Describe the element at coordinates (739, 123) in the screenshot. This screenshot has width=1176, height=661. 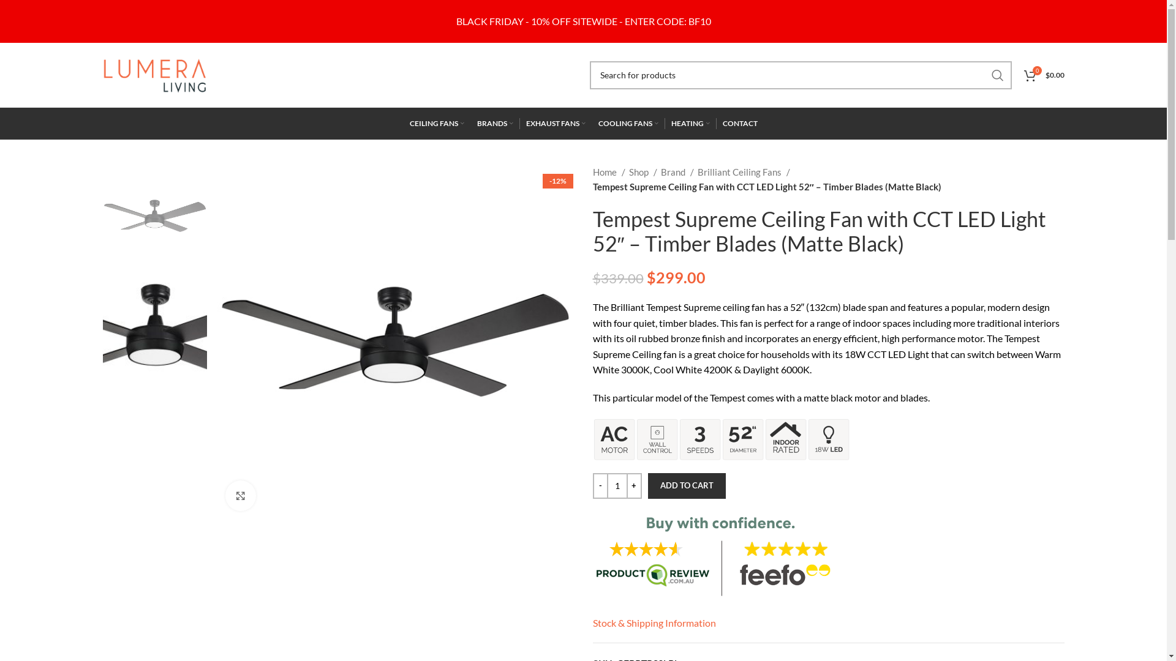
I see `'CONTACT'` at that location.